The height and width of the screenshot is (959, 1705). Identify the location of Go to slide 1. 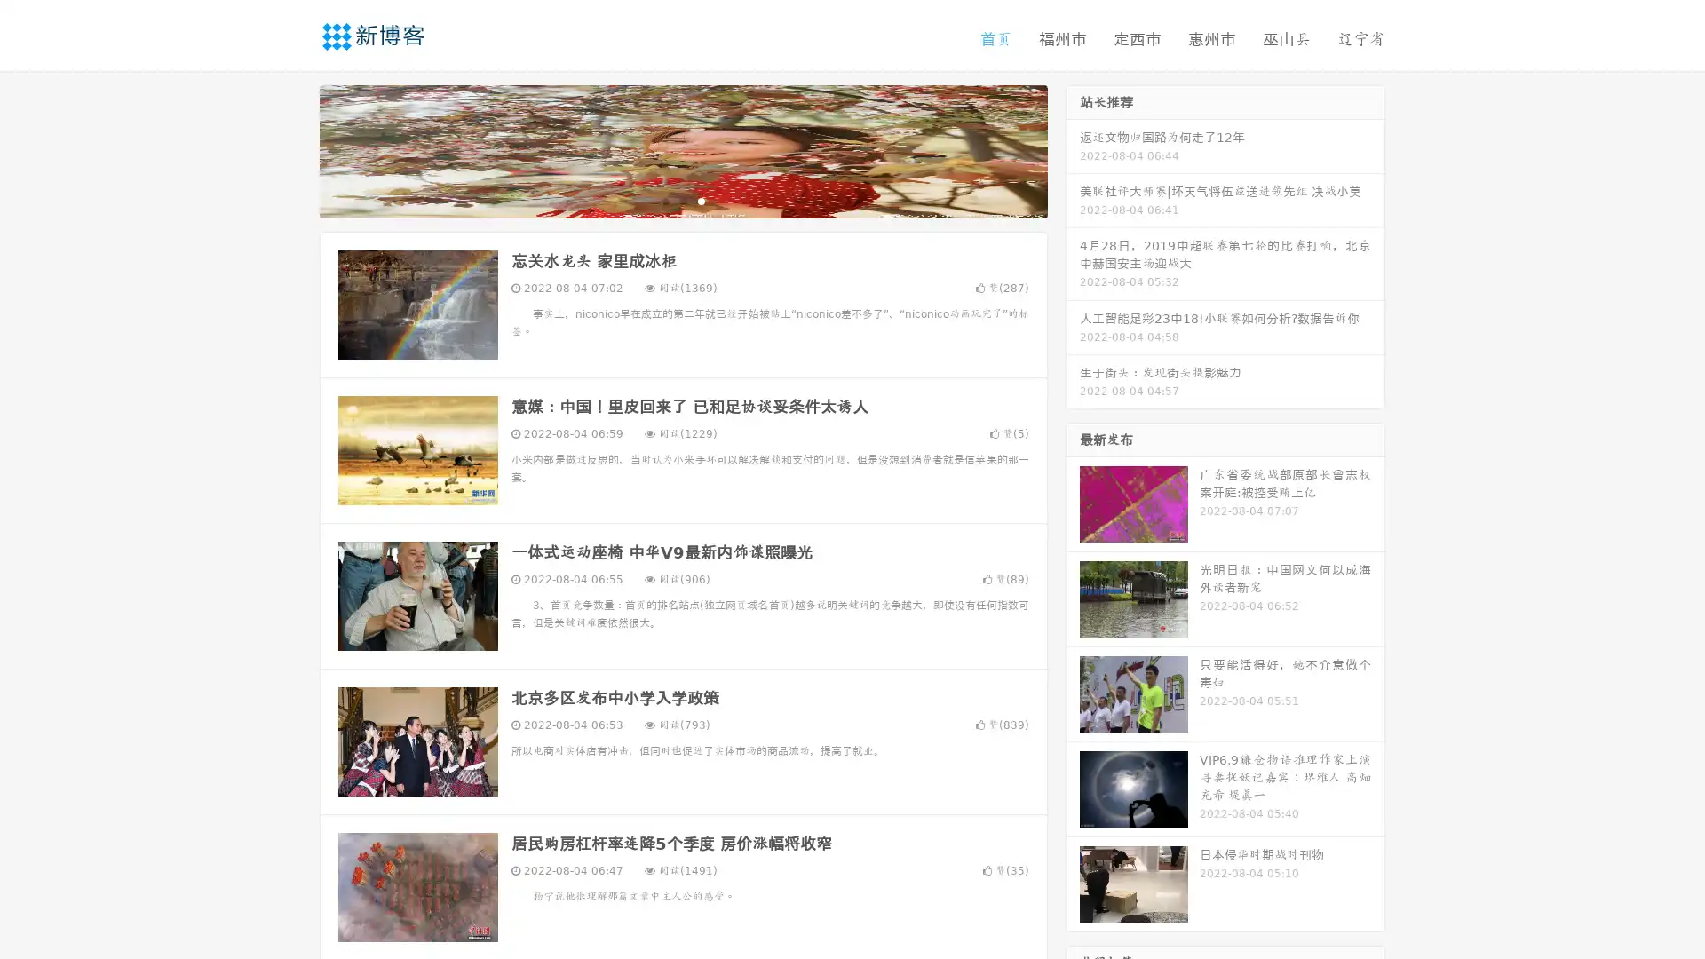
(664, 200).